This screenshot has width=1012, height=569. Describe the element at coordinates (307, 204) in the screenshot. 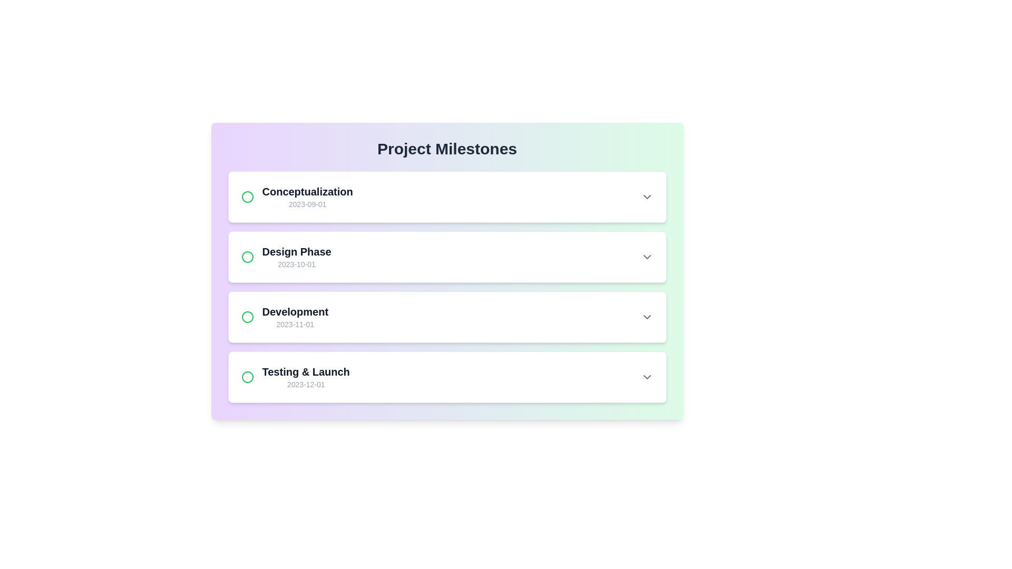

I see `the text label displaying the date '2023-09-01', which is styled with light gray text on a white background and located below the title 'Conceptualization' in the 'Project Milestones' section` at that location.